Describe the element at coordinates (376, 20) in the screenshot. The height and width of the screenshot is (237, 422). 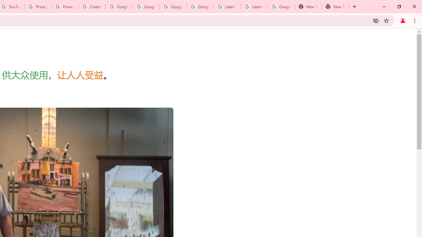
I see `'Third-party cookies blocked'` at that location.